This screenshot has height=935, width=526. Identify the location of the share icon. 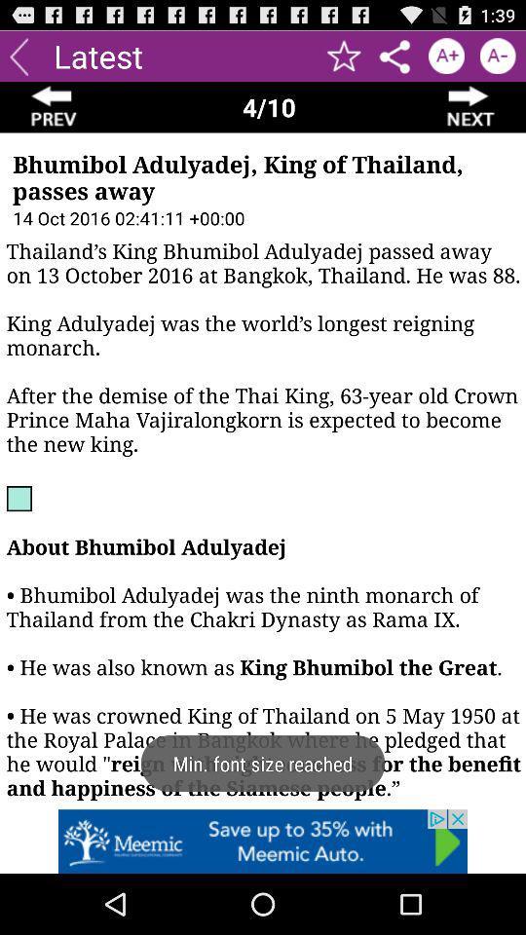
(394, 59).